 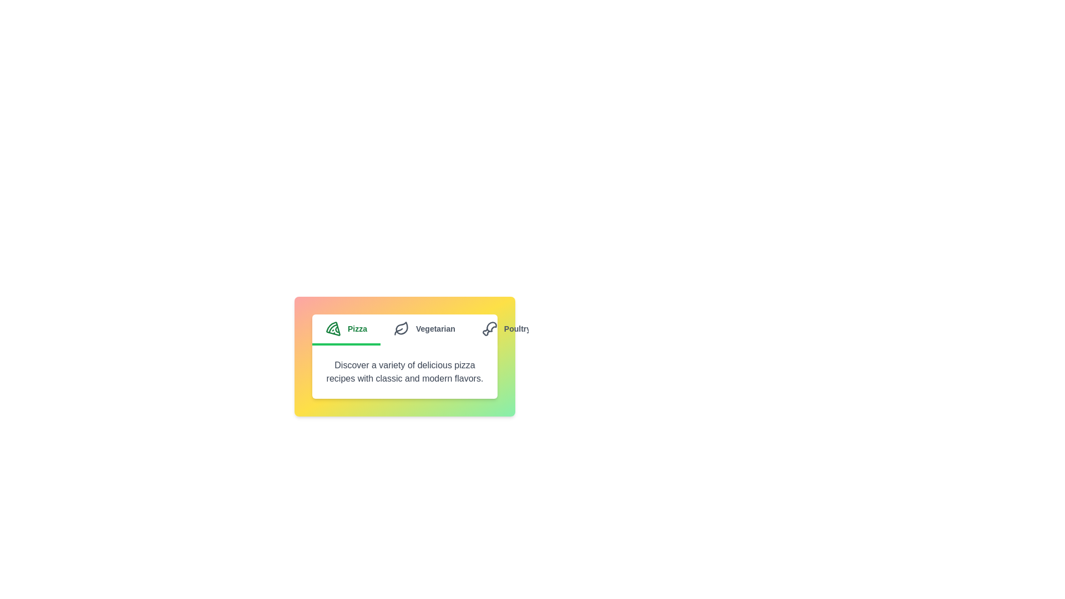 I want to click on the tab labeled Pizza, so click(x=346, y=329).